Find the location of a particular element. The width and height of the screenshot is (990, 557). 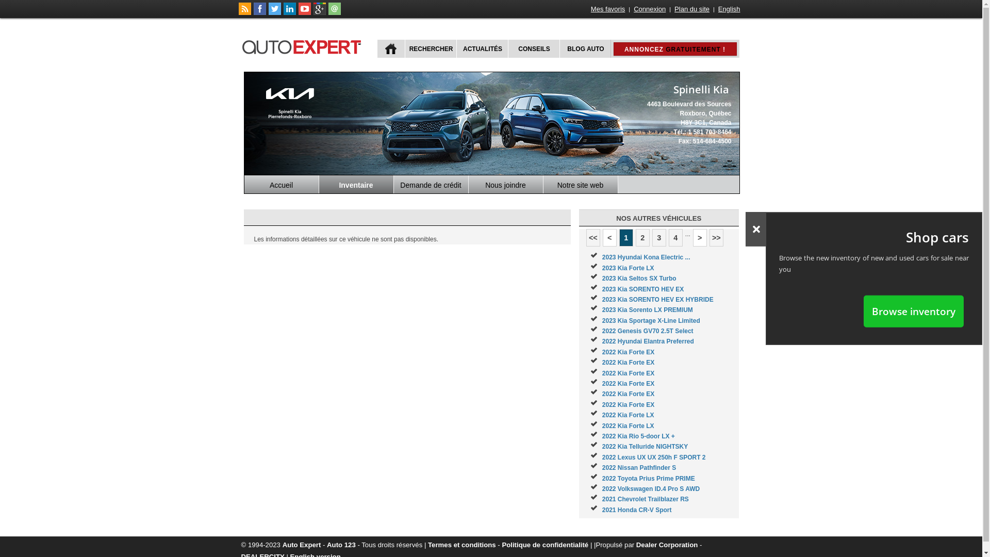

'2' is located at coordinates (642, 238).